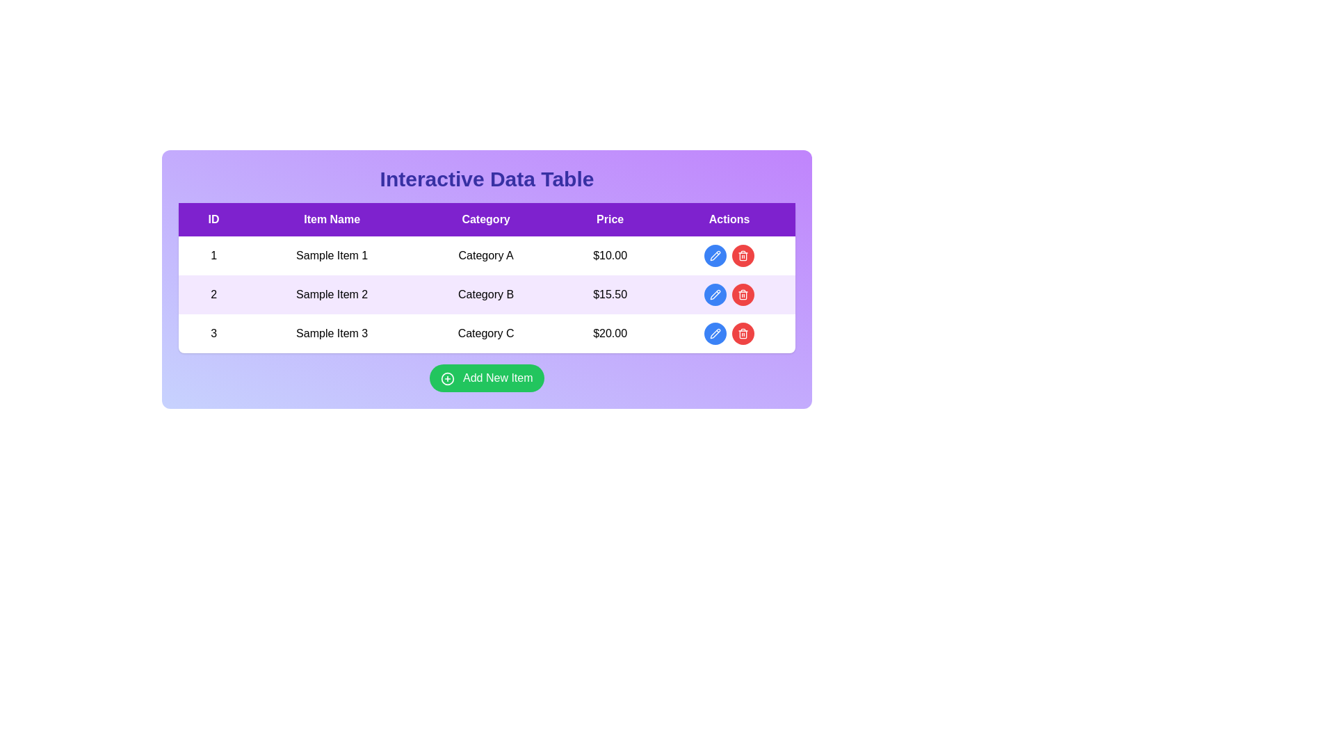 This screenshot has height=751, width=1335. What do you see at coordinates (487, 294) in the screenshot?
I see `the second row of the table, which displays attributes such as ID, name, category, and price` at bounding box center [487, 294].